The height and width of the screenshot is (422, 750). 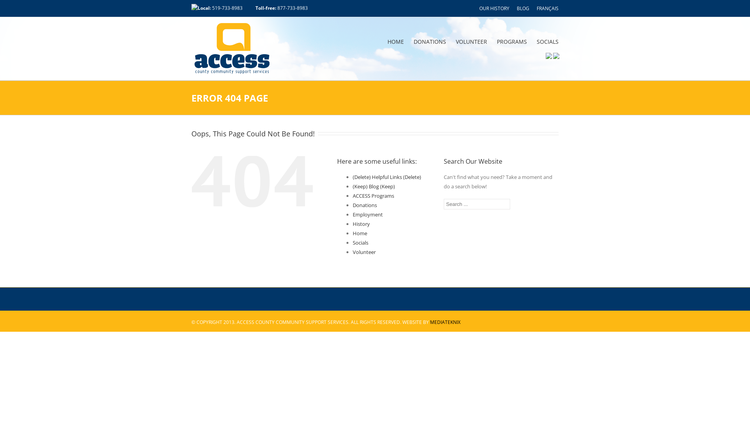 I want to click on '(Keep) Blog (Keep)', so click(x=352, y=186).